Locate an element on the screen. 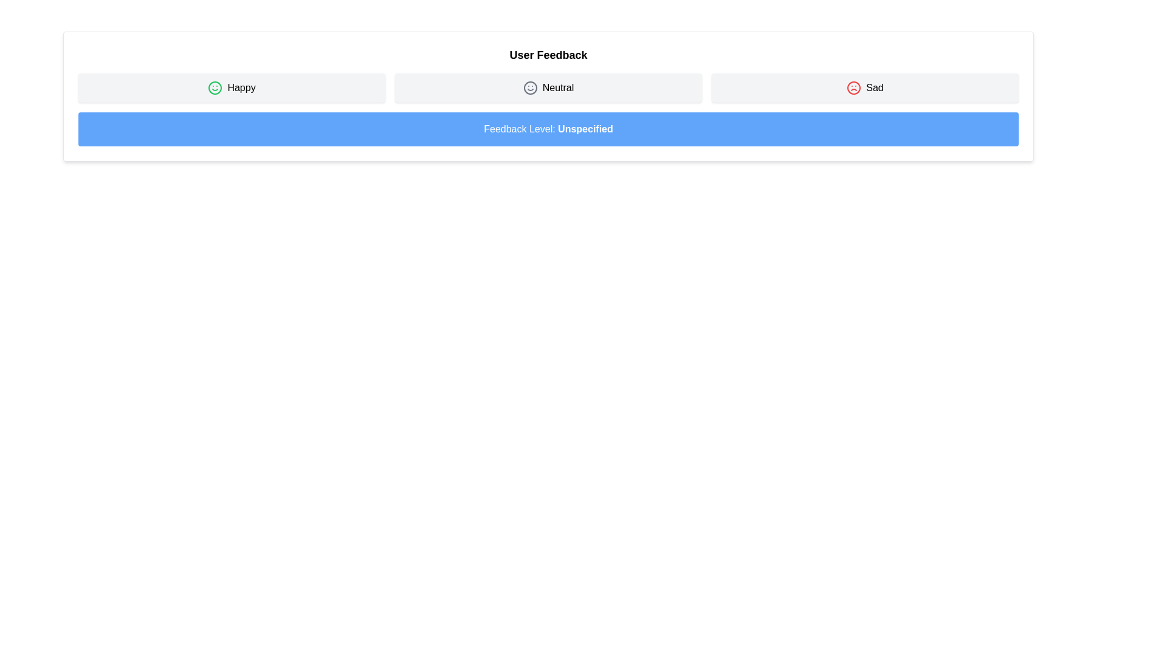 The width and height of the screenshot is (1167, 656). the text label that displays the word 'Happy', which is next to a green smiling face icon, part of the sentiment options in the upper portion of the interface is located at coordinates (241, 87).